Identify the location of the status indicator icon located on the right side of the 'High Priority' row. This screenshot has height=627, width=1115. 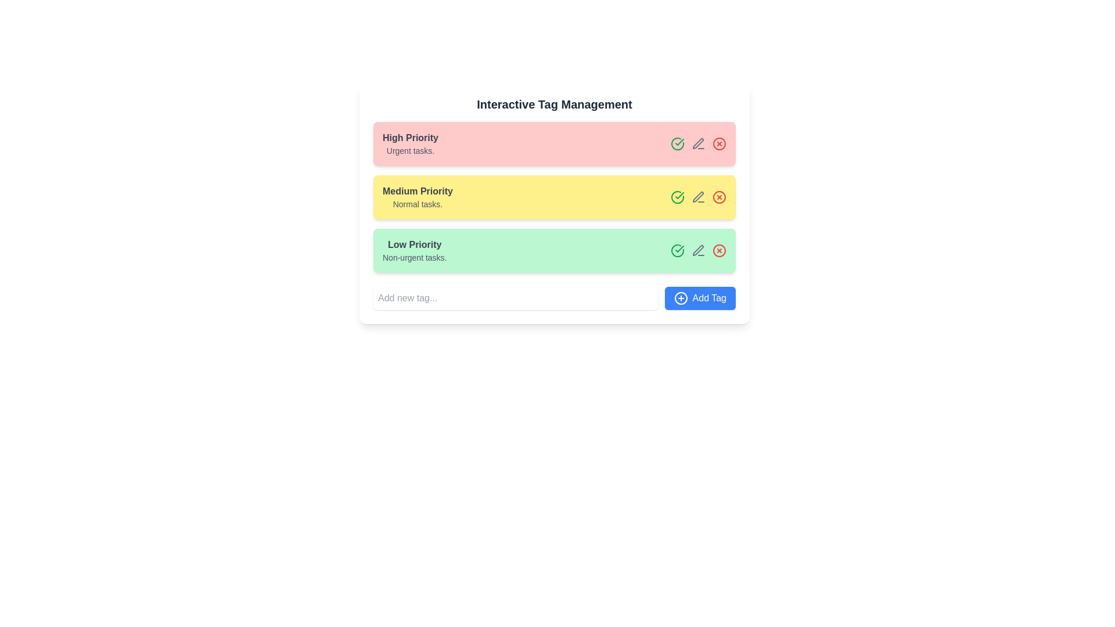
(677, 143).